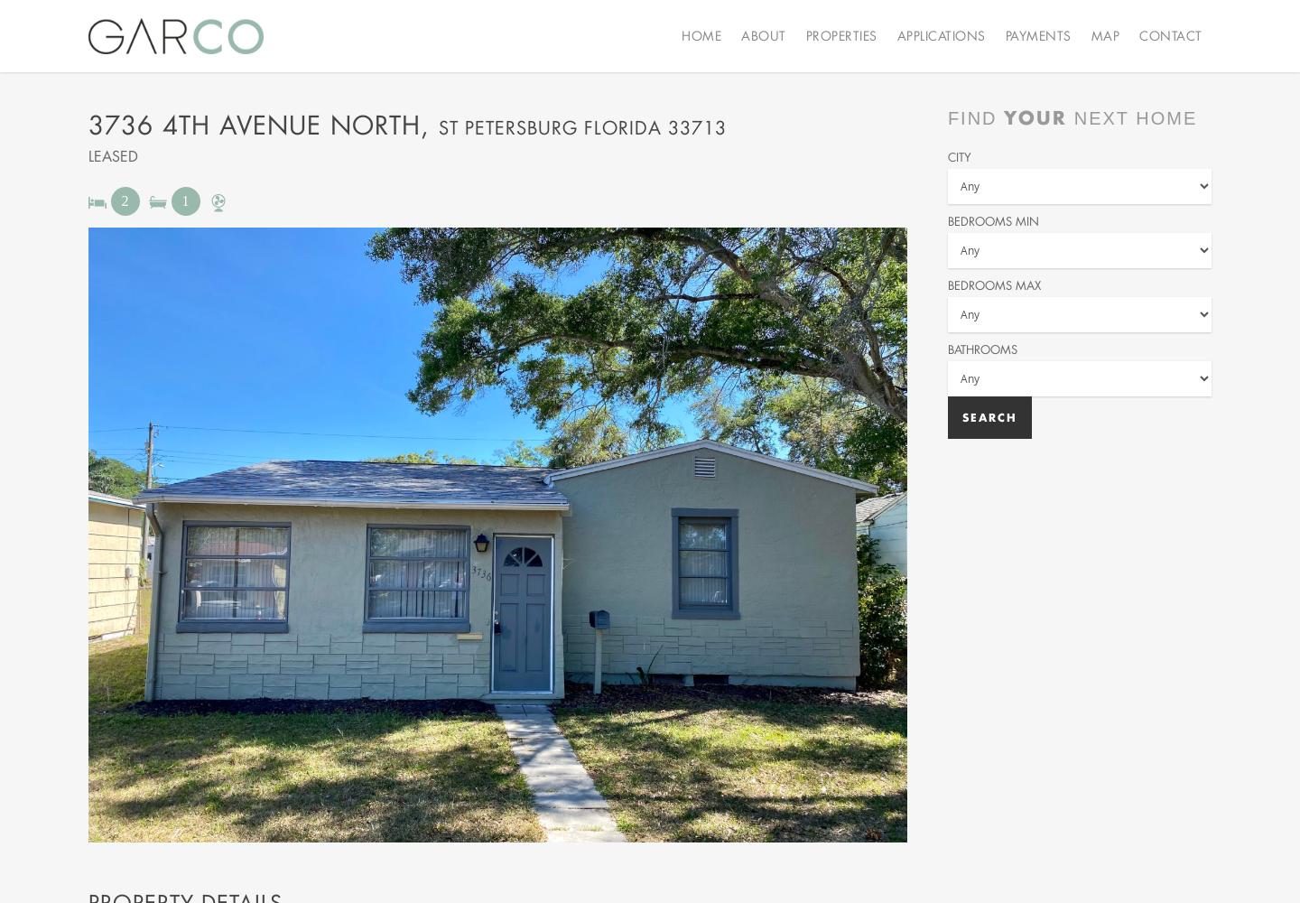 The height and width of the screenshot is (903, 1300). I want to click on '1', so click(185, 200).